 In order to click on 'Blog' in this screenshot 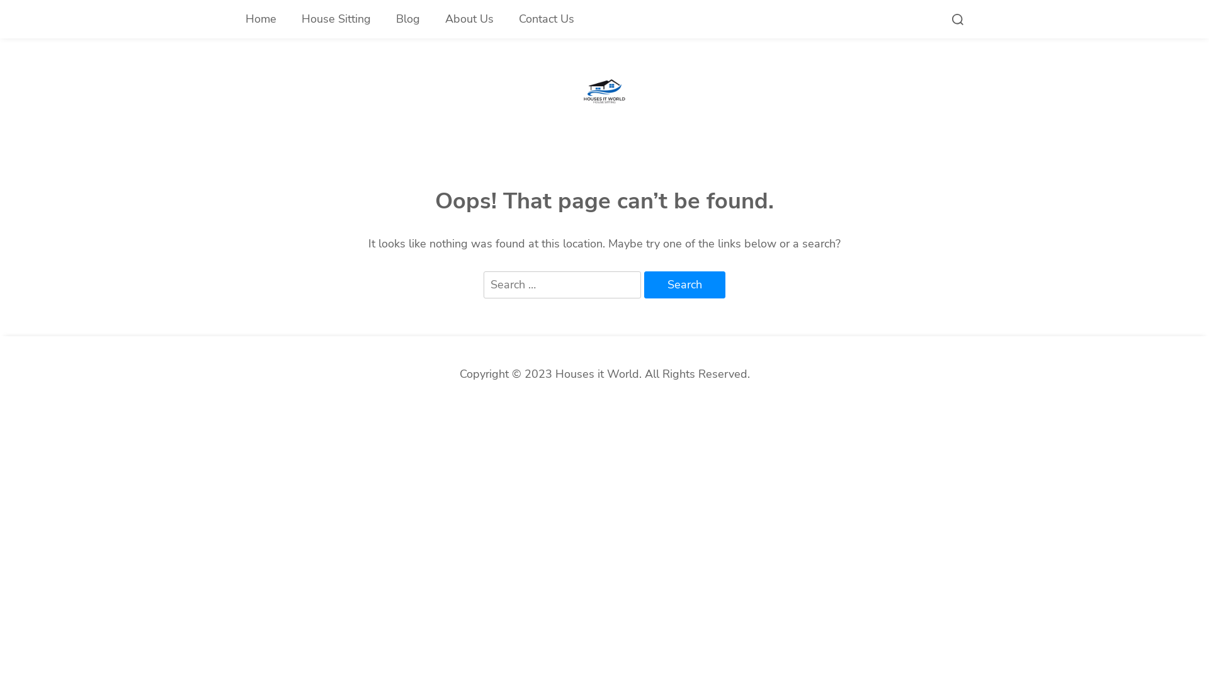, I will do `click(383, 19)`.